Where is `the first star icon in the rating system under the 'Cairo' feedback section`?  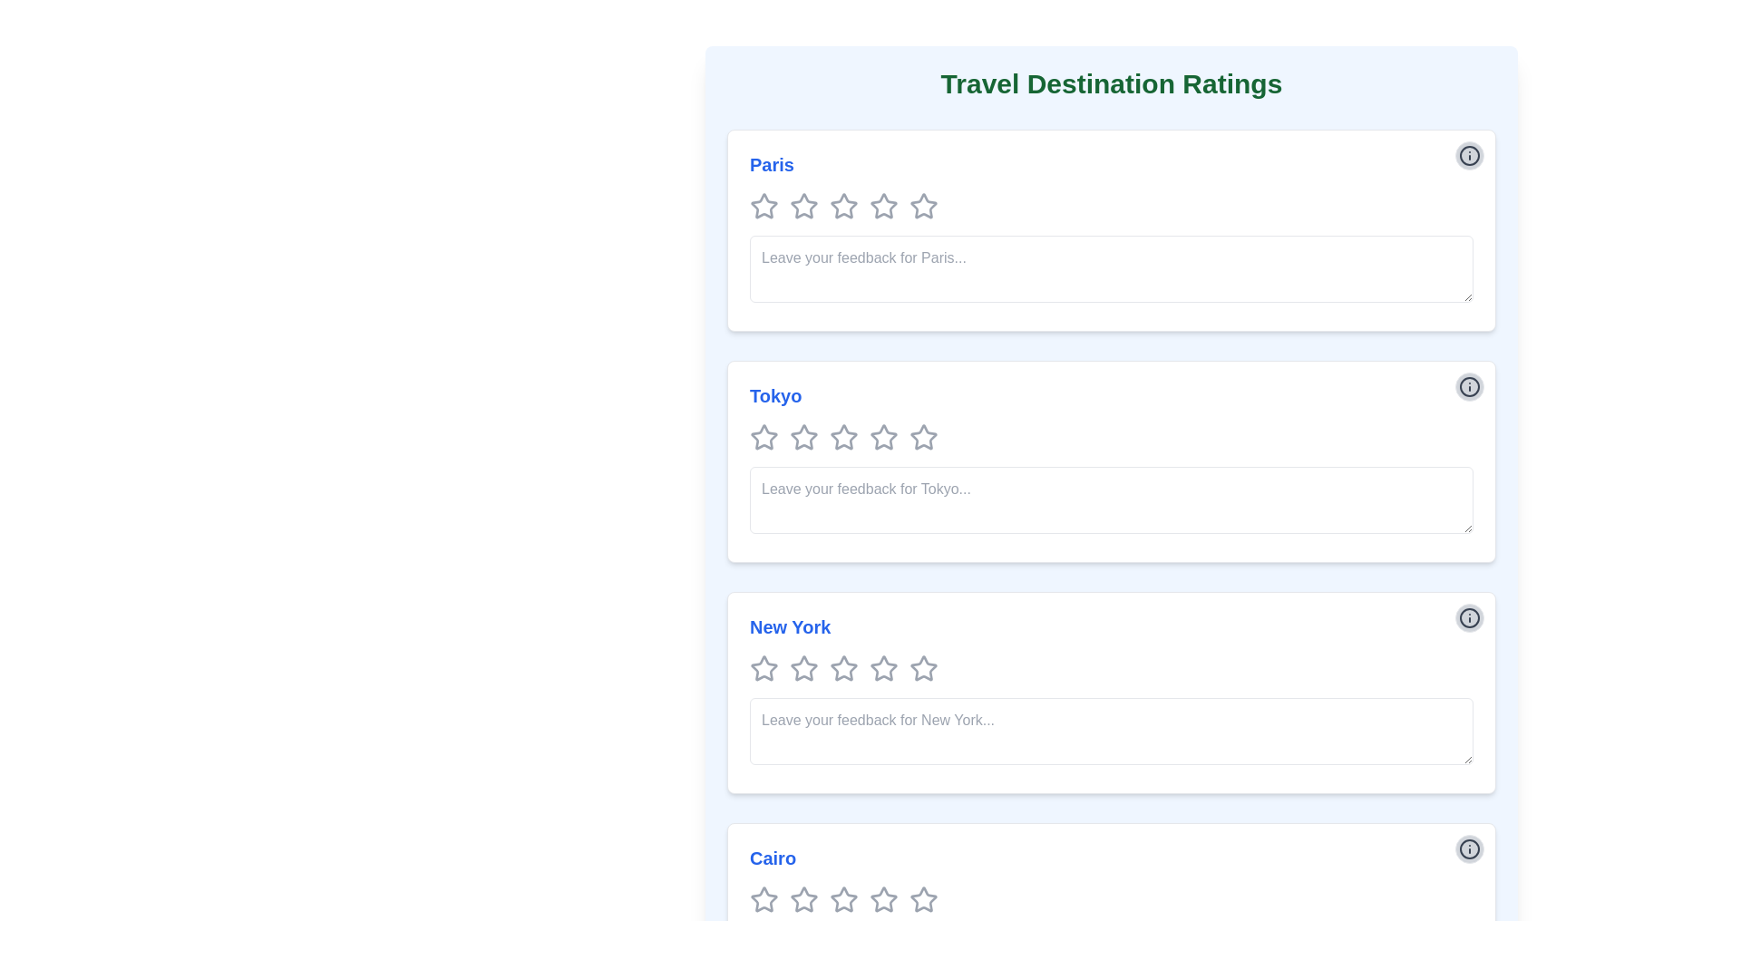
the first star icon in the rating system under the 'Cairo' feedback section is located at coordinates (843, 899).